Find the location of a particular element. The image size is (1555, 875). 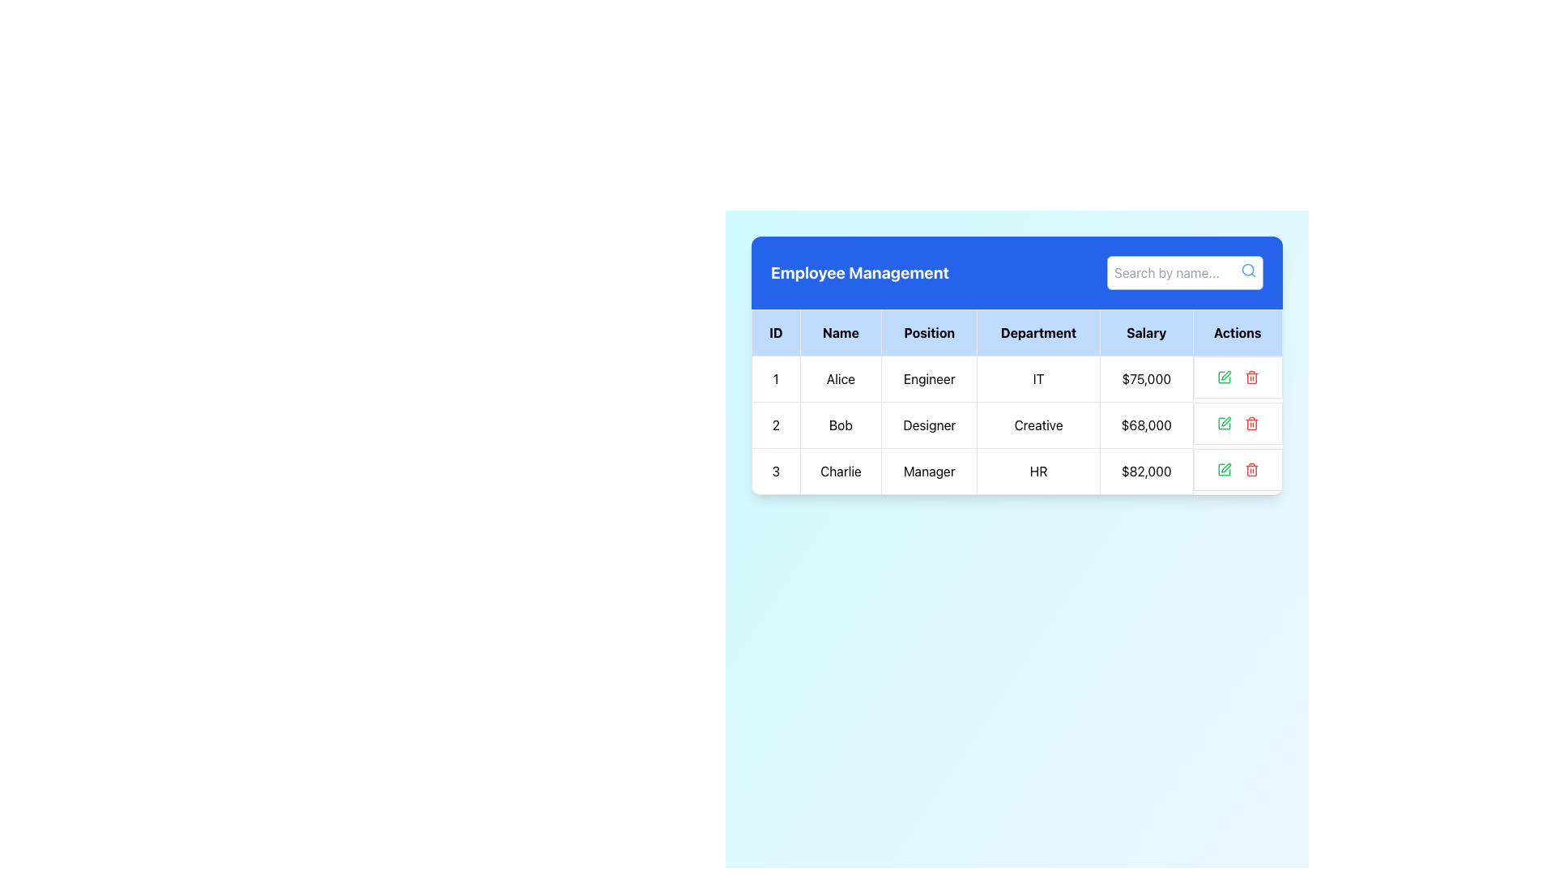

the edit button in the 'Actions' column of the first row for the employee entry 'Alice, Engineer, IT, $75,000' is located at coordinates (1224, 378).